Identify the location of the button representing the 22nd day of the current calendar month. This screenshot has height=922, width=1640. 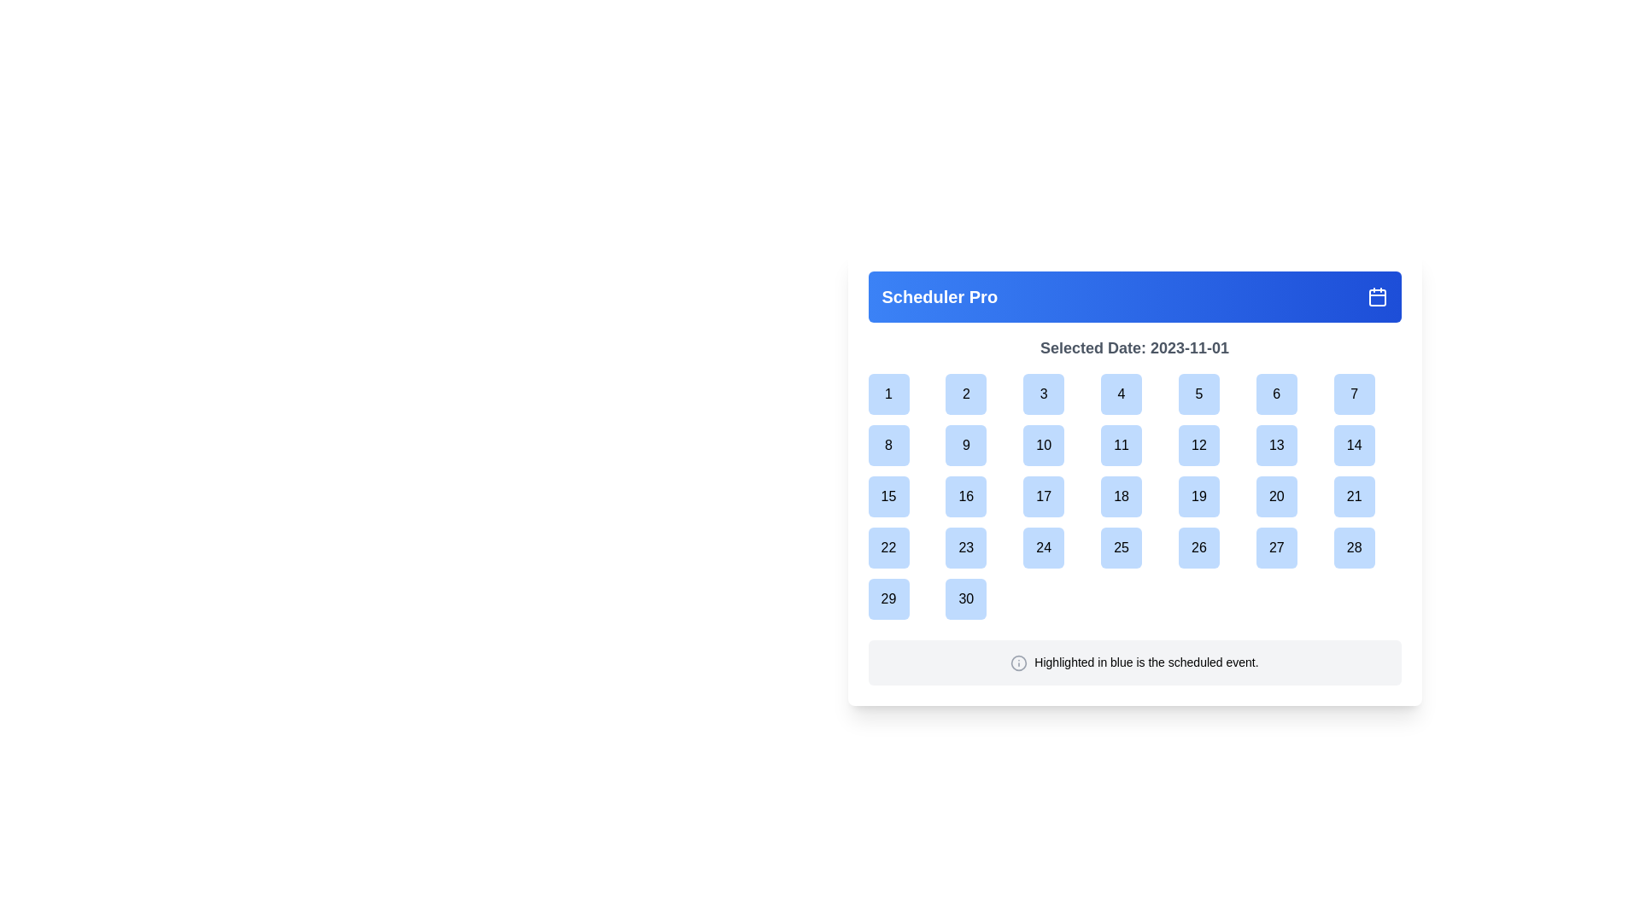
(901, 547).